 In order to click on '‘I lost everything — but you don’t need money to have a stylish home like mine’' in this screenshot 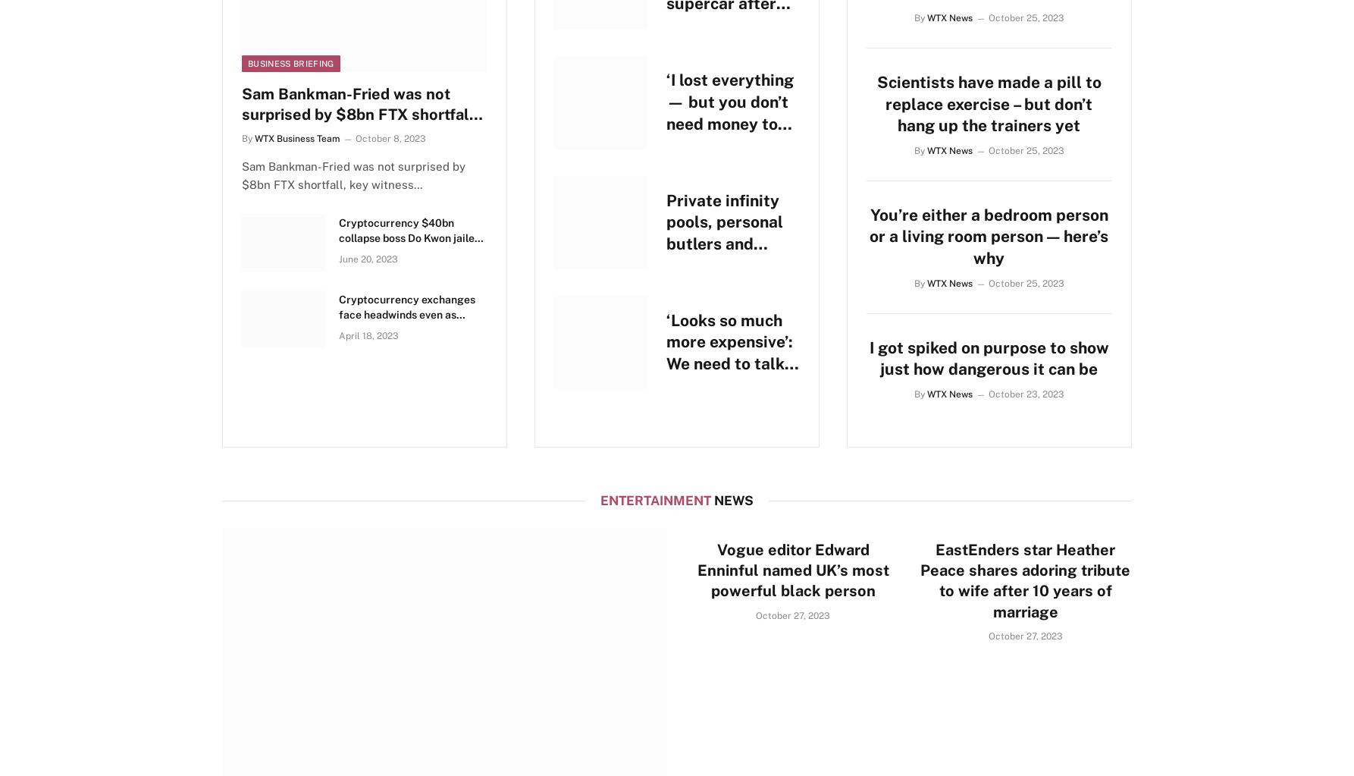, I will do `click(730, 123)`.